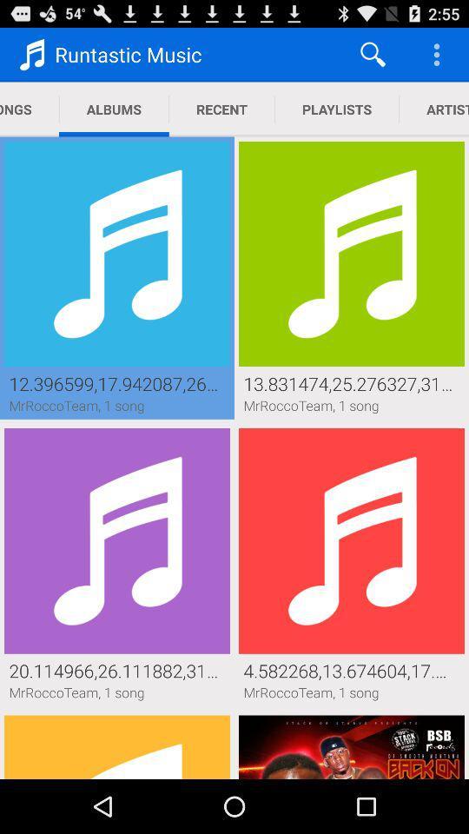 Image resolution: width=469 pixels, height=834 pixels. What do you see at coordinates (337, 109) in the screenshot?
I see `the item to the left of the artists app` at bounding box center [337, 109].